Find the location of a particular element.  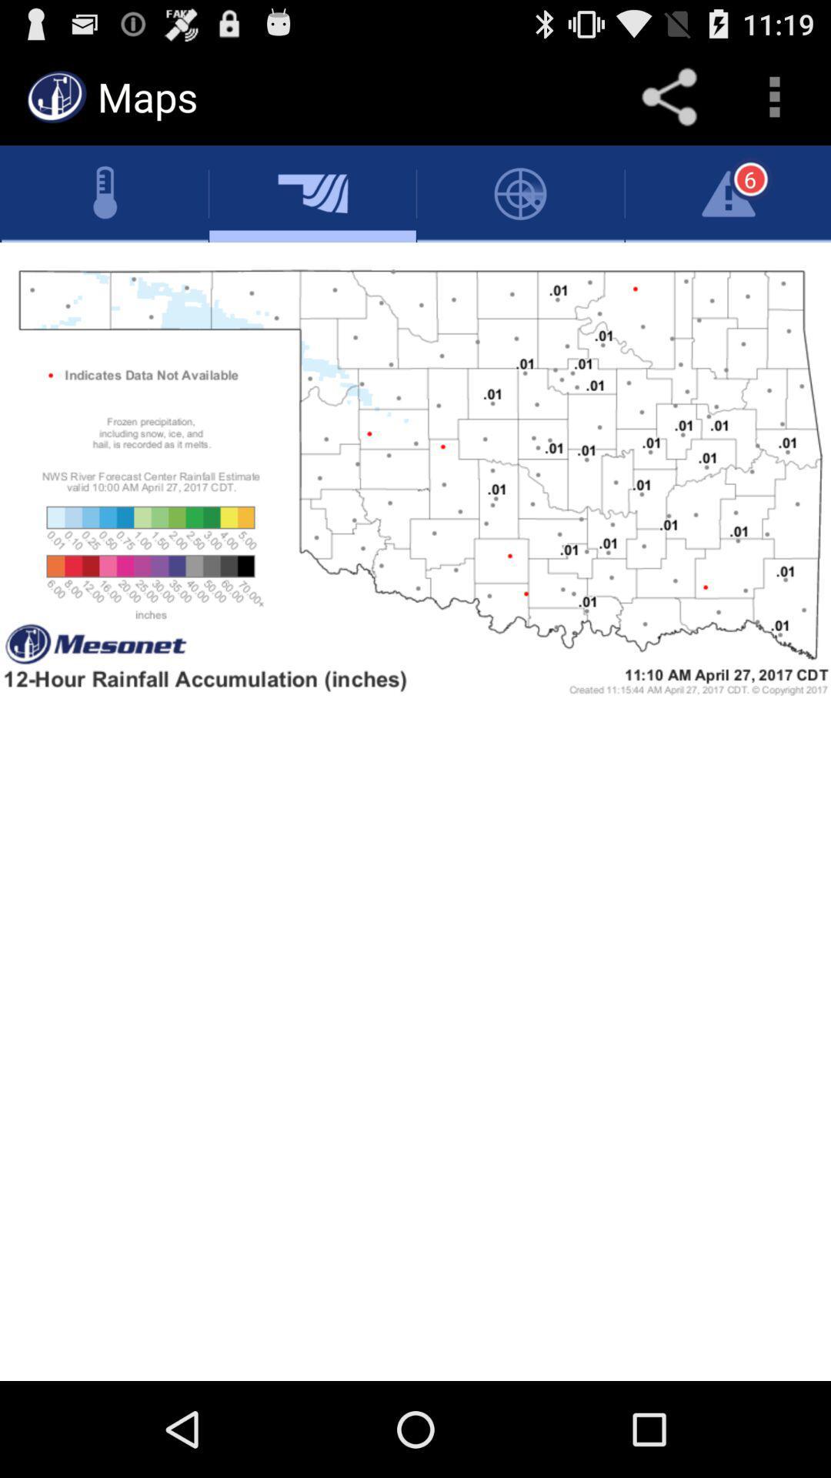

sharing files is located at coordinates (669, 95).